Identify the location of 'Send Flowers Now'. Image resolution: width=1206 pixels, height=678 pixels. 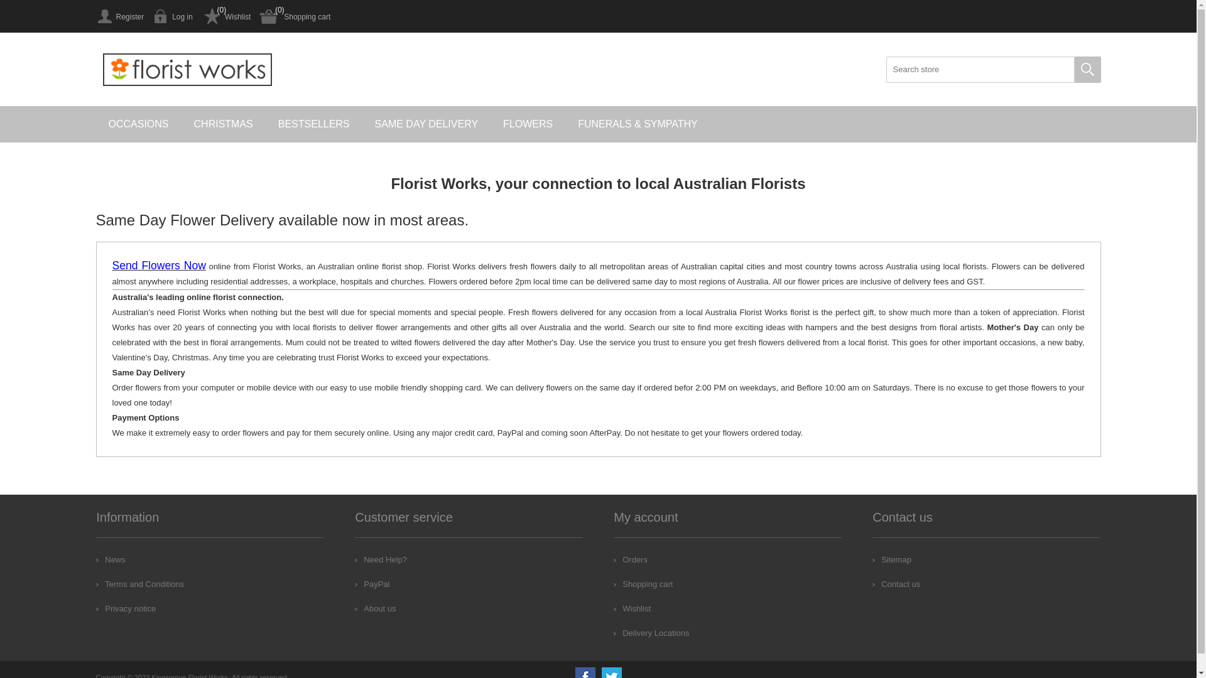
(111, 266).